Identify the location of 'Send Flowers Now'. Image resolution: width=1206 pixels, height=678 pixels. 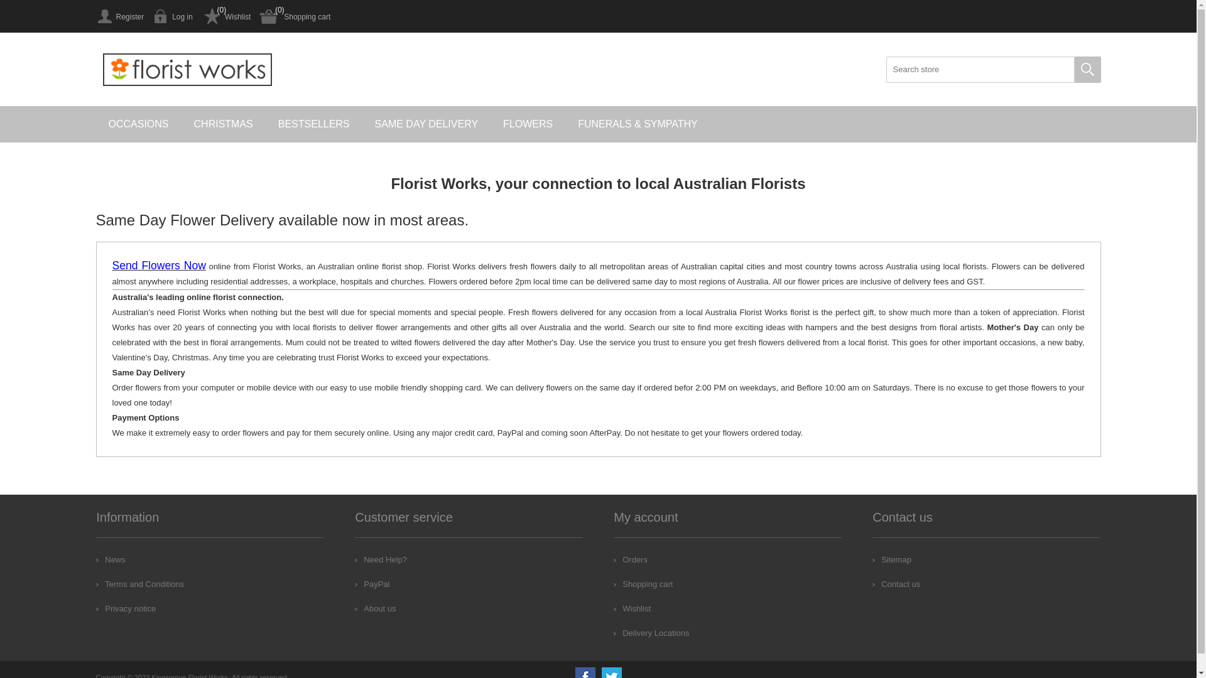
(111, 266).